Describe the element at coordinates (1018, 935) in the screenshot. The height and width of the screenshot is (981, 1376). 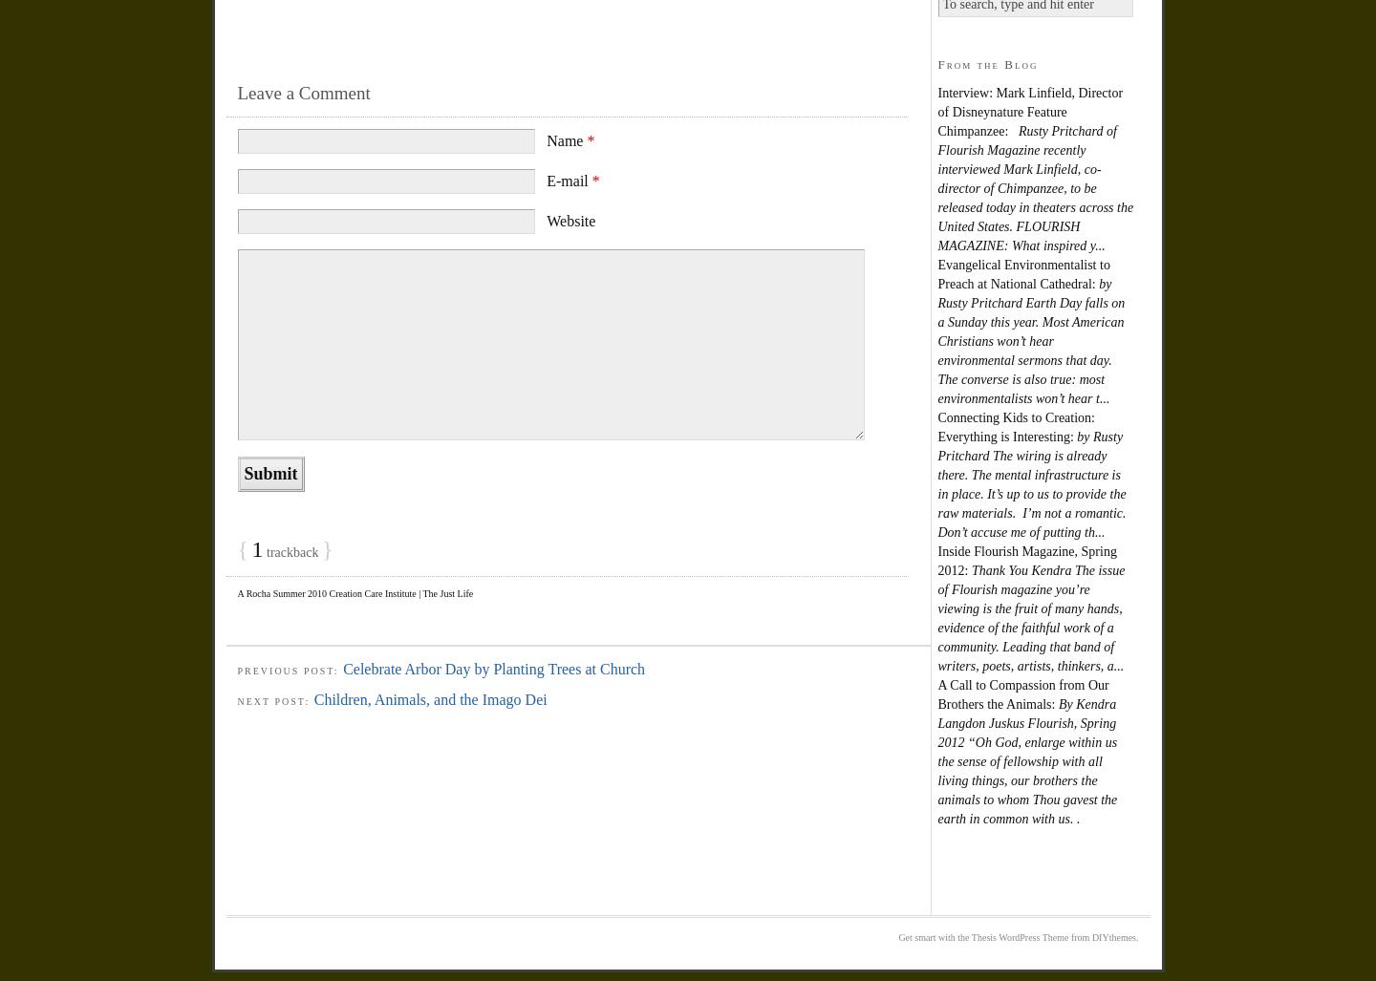
I see `'Get smart with the Thesis WordPress Theme from DIYthemes.'` at that location.